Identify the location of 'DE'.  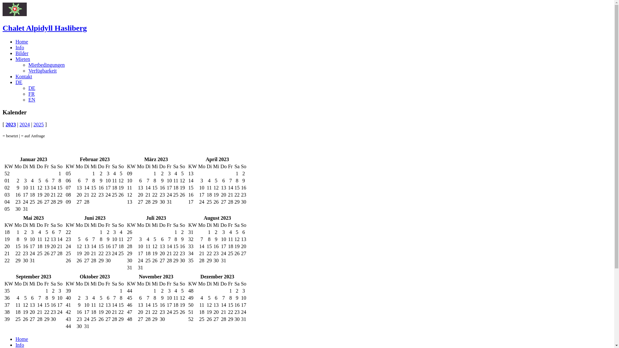
(31, 88).